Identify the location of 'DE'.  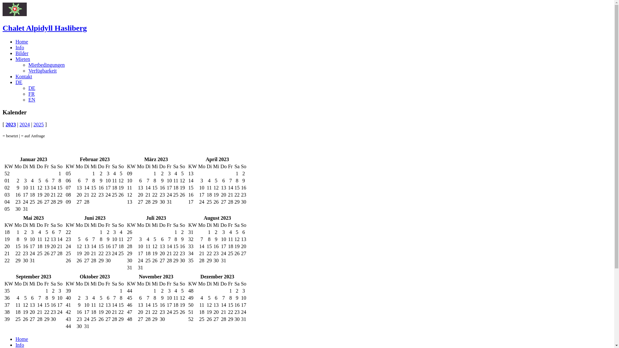
(31, 88).